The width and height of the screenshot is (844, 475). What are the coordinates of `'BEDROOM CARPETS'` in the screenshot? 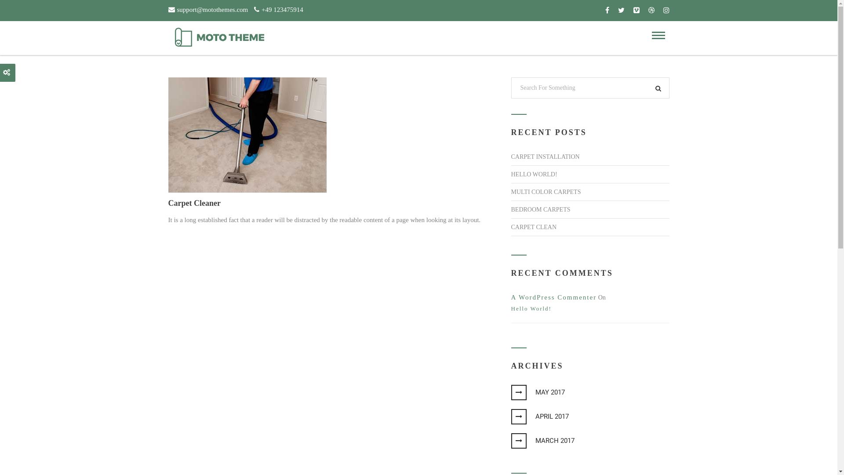 It's located at (540, 209).